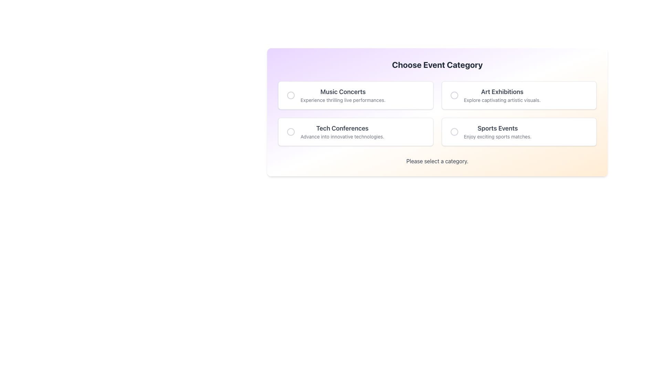 The height and width of the screenshot is (372, 661). I want to click on the central circle within the 'Choose Event Category' section, so click(291, 95).